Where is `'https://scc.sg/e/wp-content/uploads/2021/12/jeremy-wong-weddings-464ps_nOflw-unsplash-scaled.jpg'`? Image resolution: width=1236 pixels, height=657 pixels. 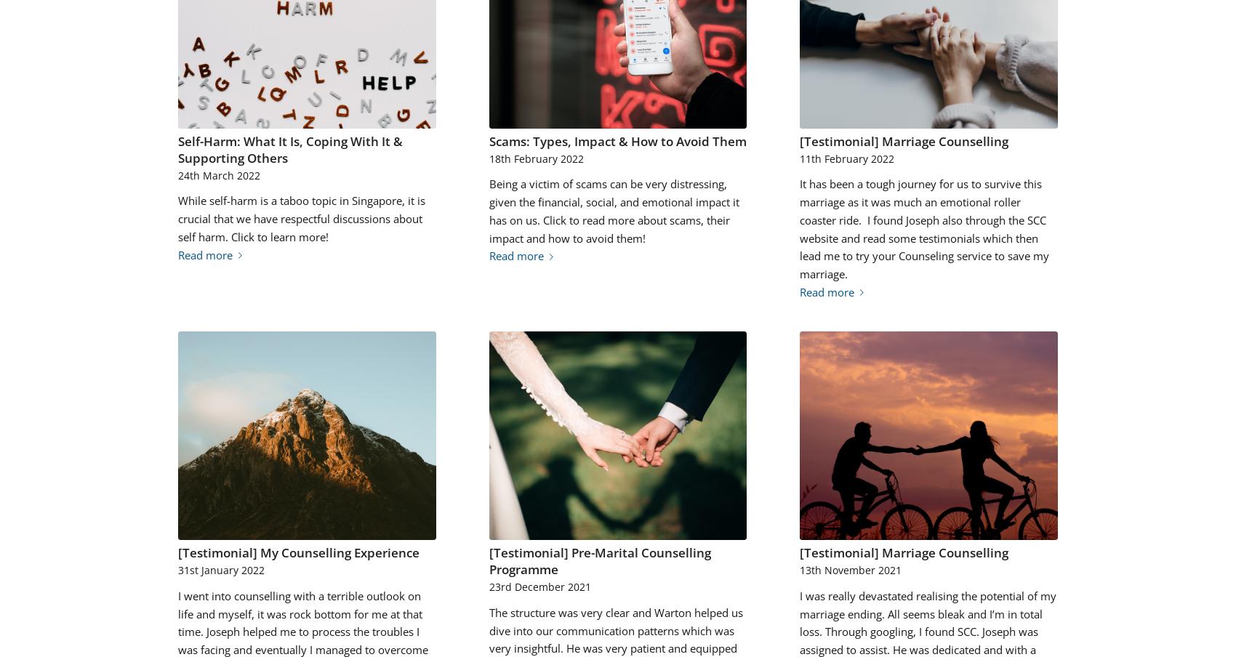
'https://scc.sg/e/wp-content/uploads/2021/12/jeremy-wong-weddings-464ps_nOflw-unsplash-scaled.jpg' is located at coordinates (615, 357).